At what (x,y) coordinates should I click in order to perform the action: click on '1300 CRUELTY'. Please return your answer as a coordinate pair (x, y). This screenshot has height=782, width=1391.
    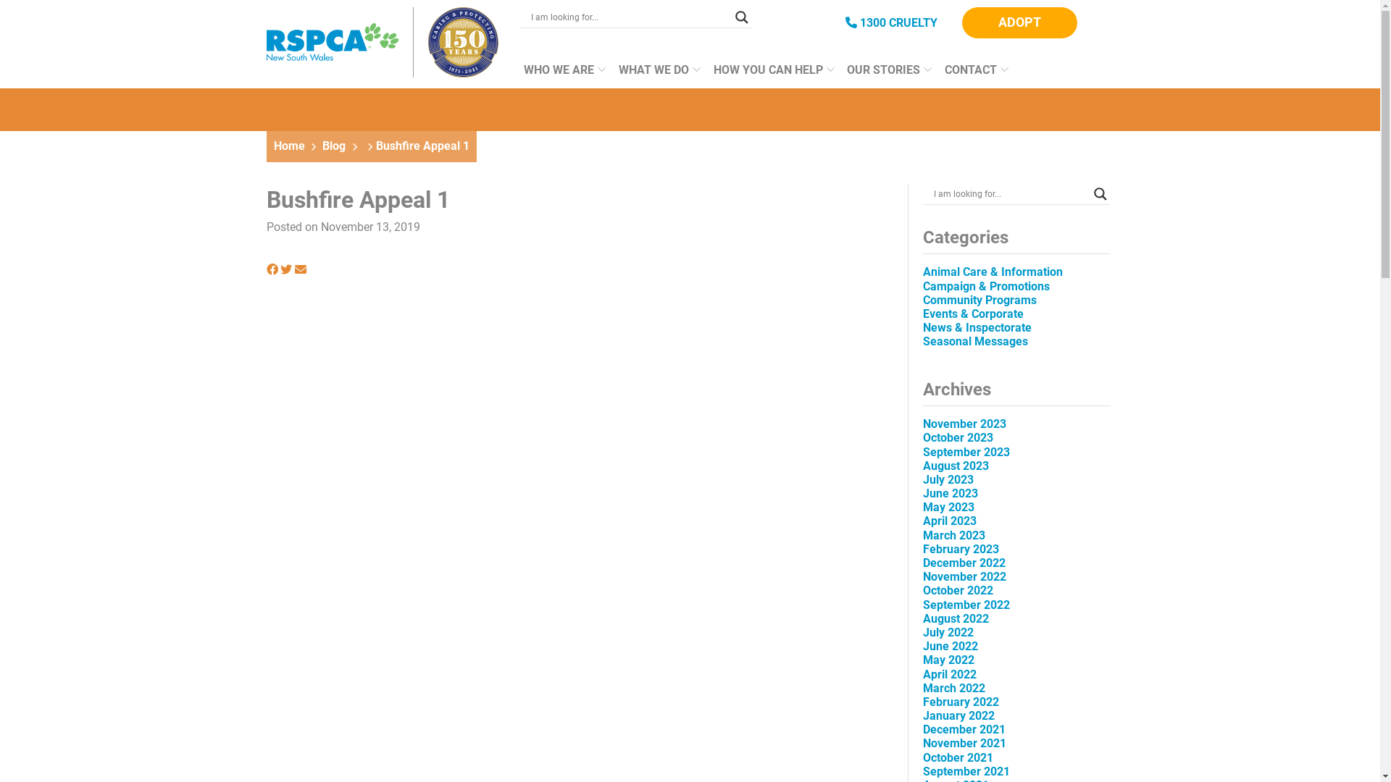
    Looking at the image, I should click on (890, 22).